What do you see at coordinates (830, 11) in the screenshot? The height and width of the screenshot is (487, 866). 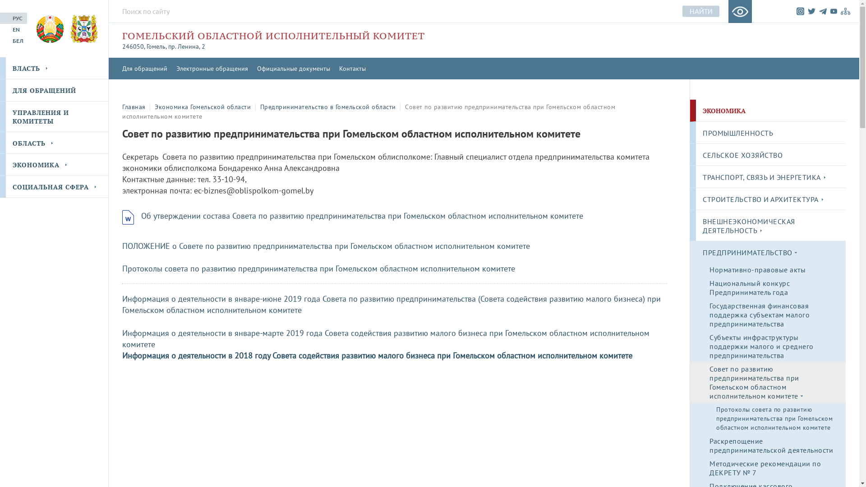 I see `'YouTube'` at bounding box center [830, 11].